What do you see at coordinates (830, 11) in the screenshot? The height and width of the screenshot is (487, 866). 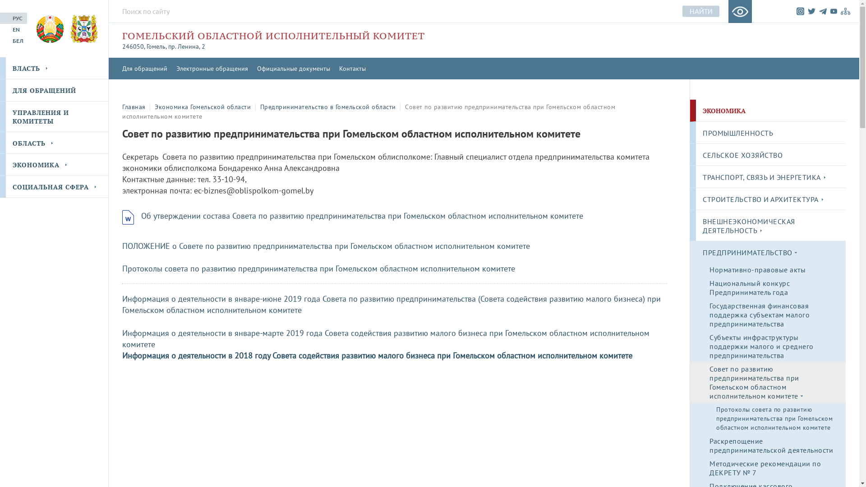 I see `'YouTube'` at bounding box center [830, 11].